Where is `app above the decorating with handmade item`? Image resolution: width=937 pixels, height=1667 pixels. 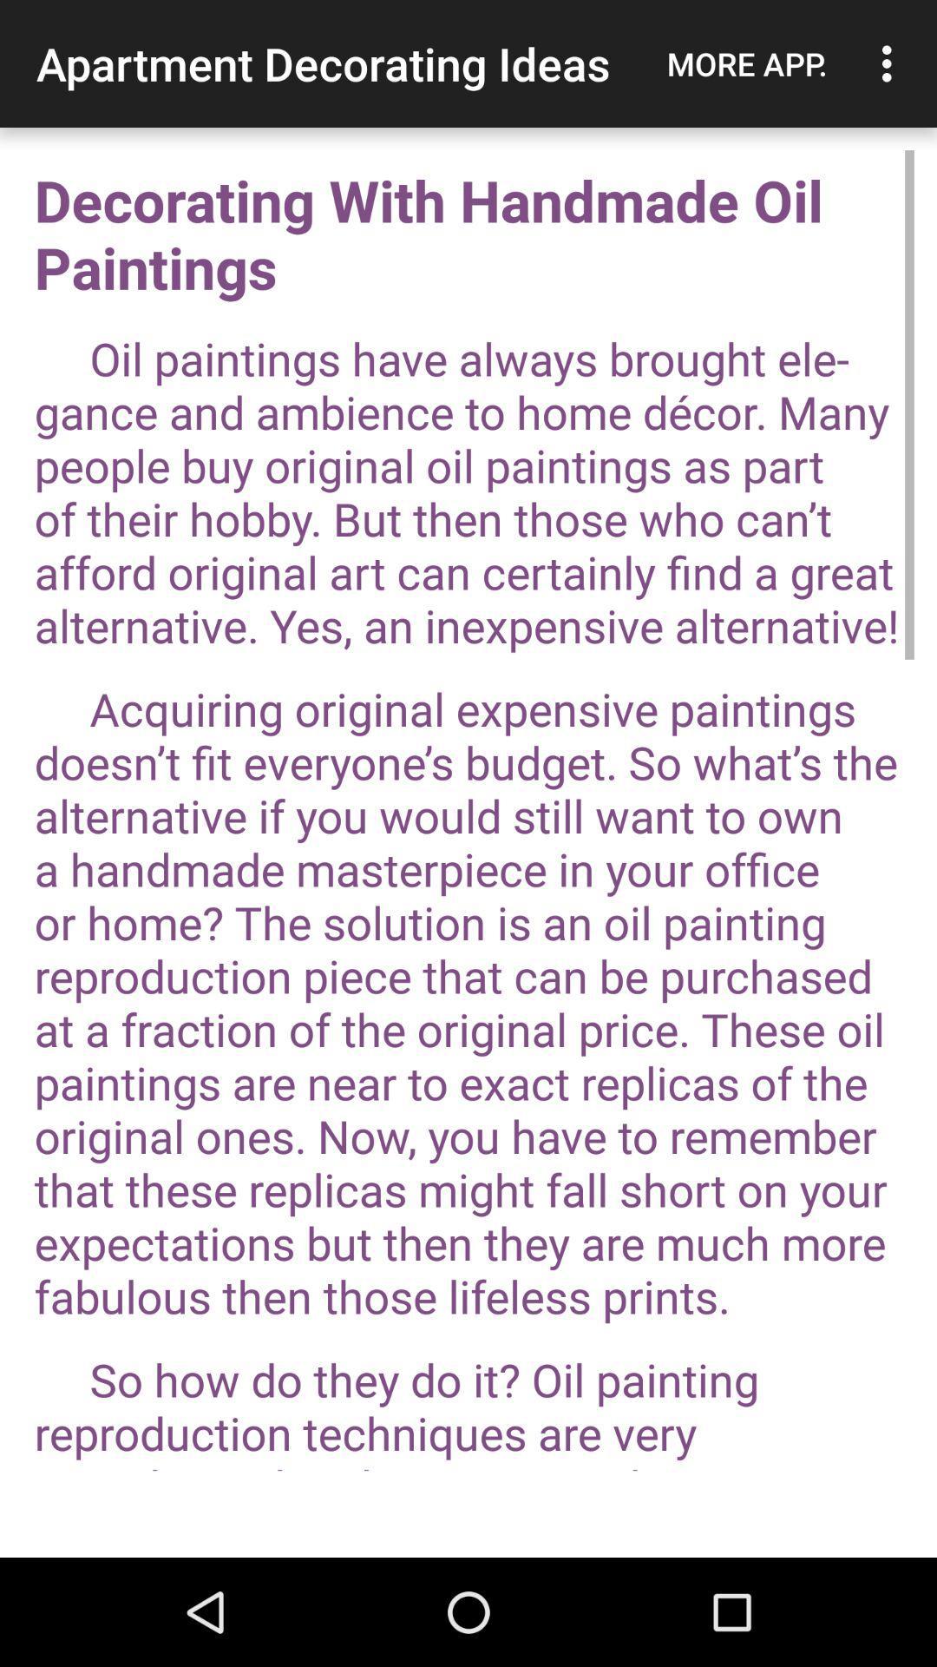 app above the decorating with handmade item is located at coordinates (746, 63).